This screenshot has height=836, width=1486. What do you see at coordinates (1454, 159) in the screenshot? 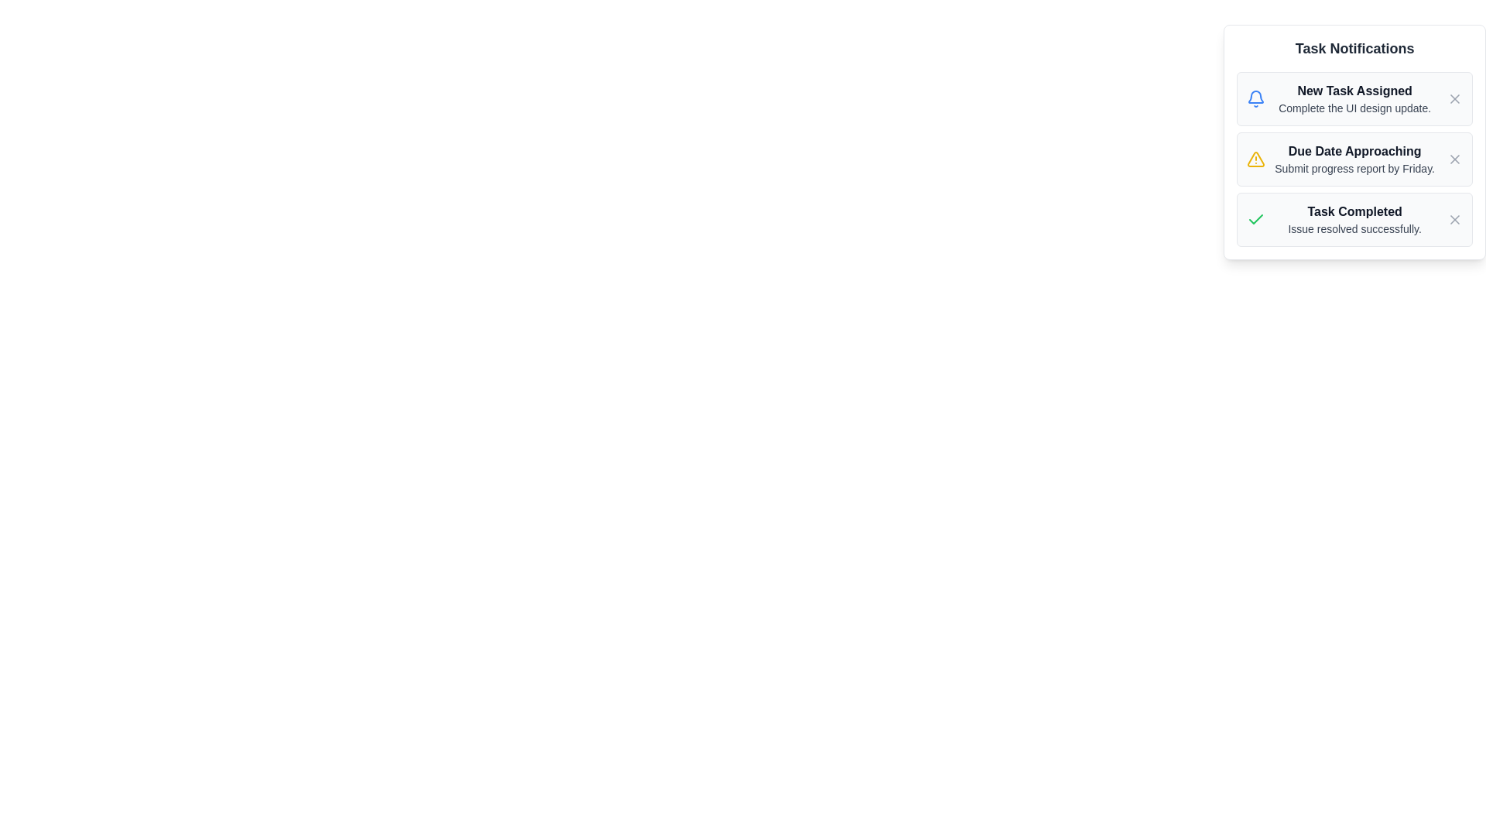
I see `the diagonal line segment that is part of the close icon in the top-right corner of the task notification card` at bounding box center [1454, 159].